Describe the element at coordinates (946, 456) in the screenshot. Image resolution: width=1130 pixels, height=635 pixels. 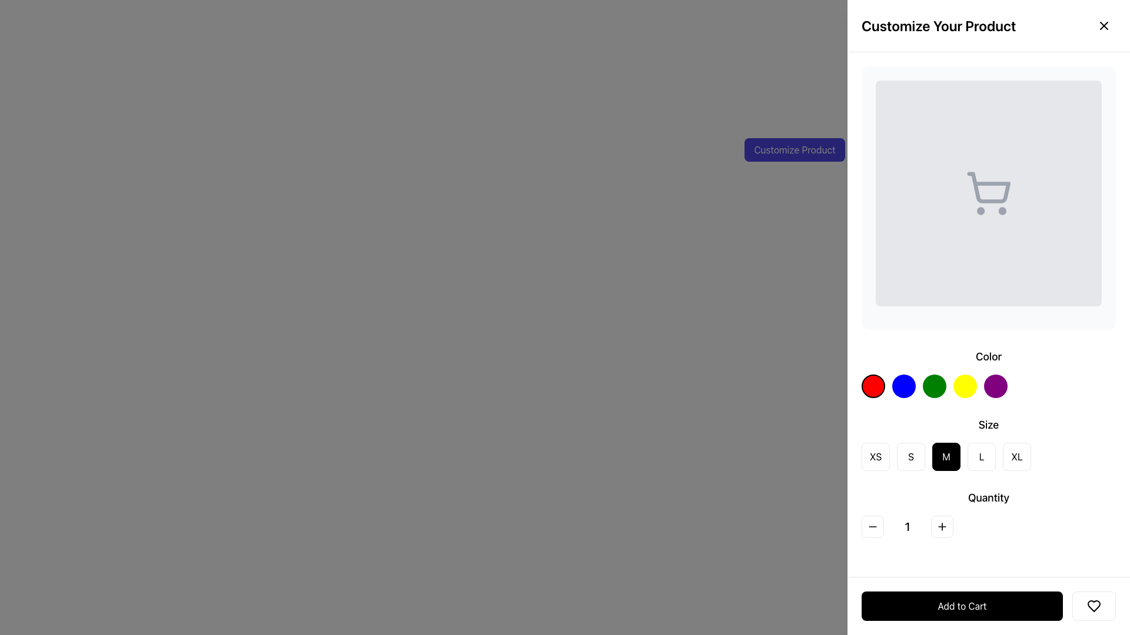
I see `the 'M' size selector button, which is the third button in a horizontal group of size selectors` at that location.